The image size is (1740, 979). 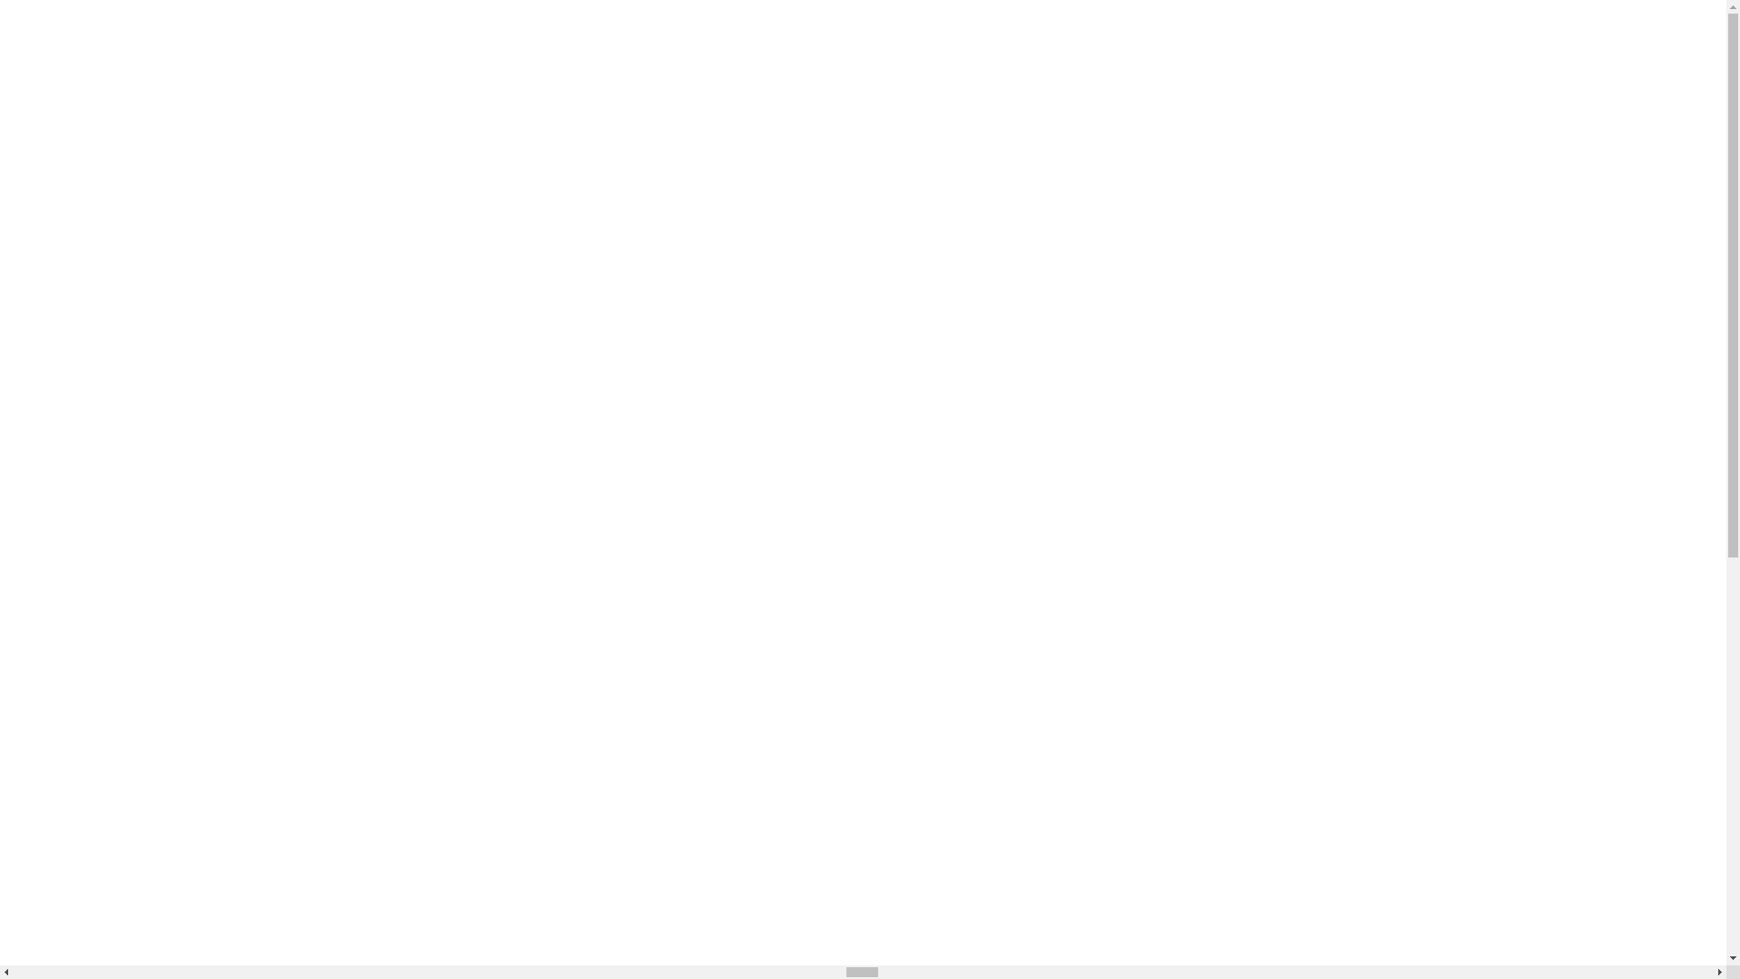 I want to click on '  Deutsch', so click(x=568, y=380).